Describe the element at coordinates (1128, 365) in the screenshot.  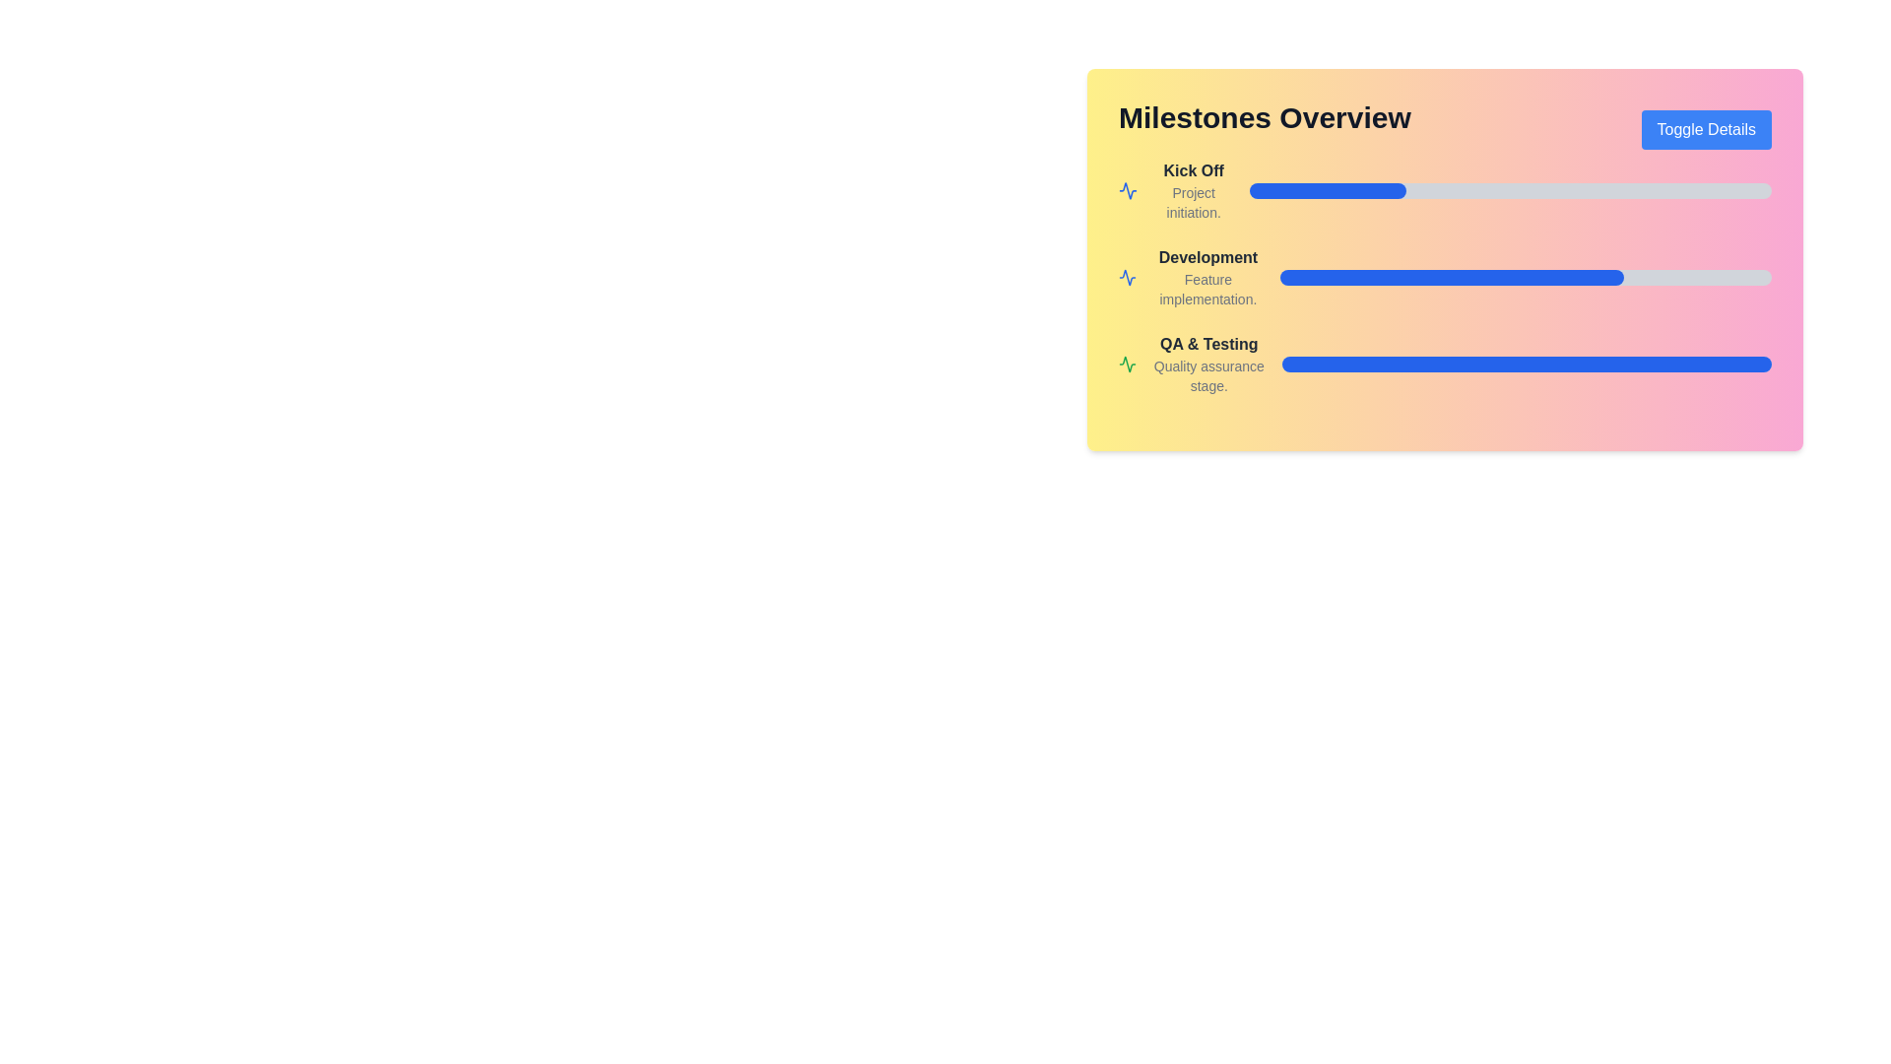
I see `the 'QA & Testing' milestone icon located in the Milestones Overview card by moving the cursor to it for user interaction` at that location.